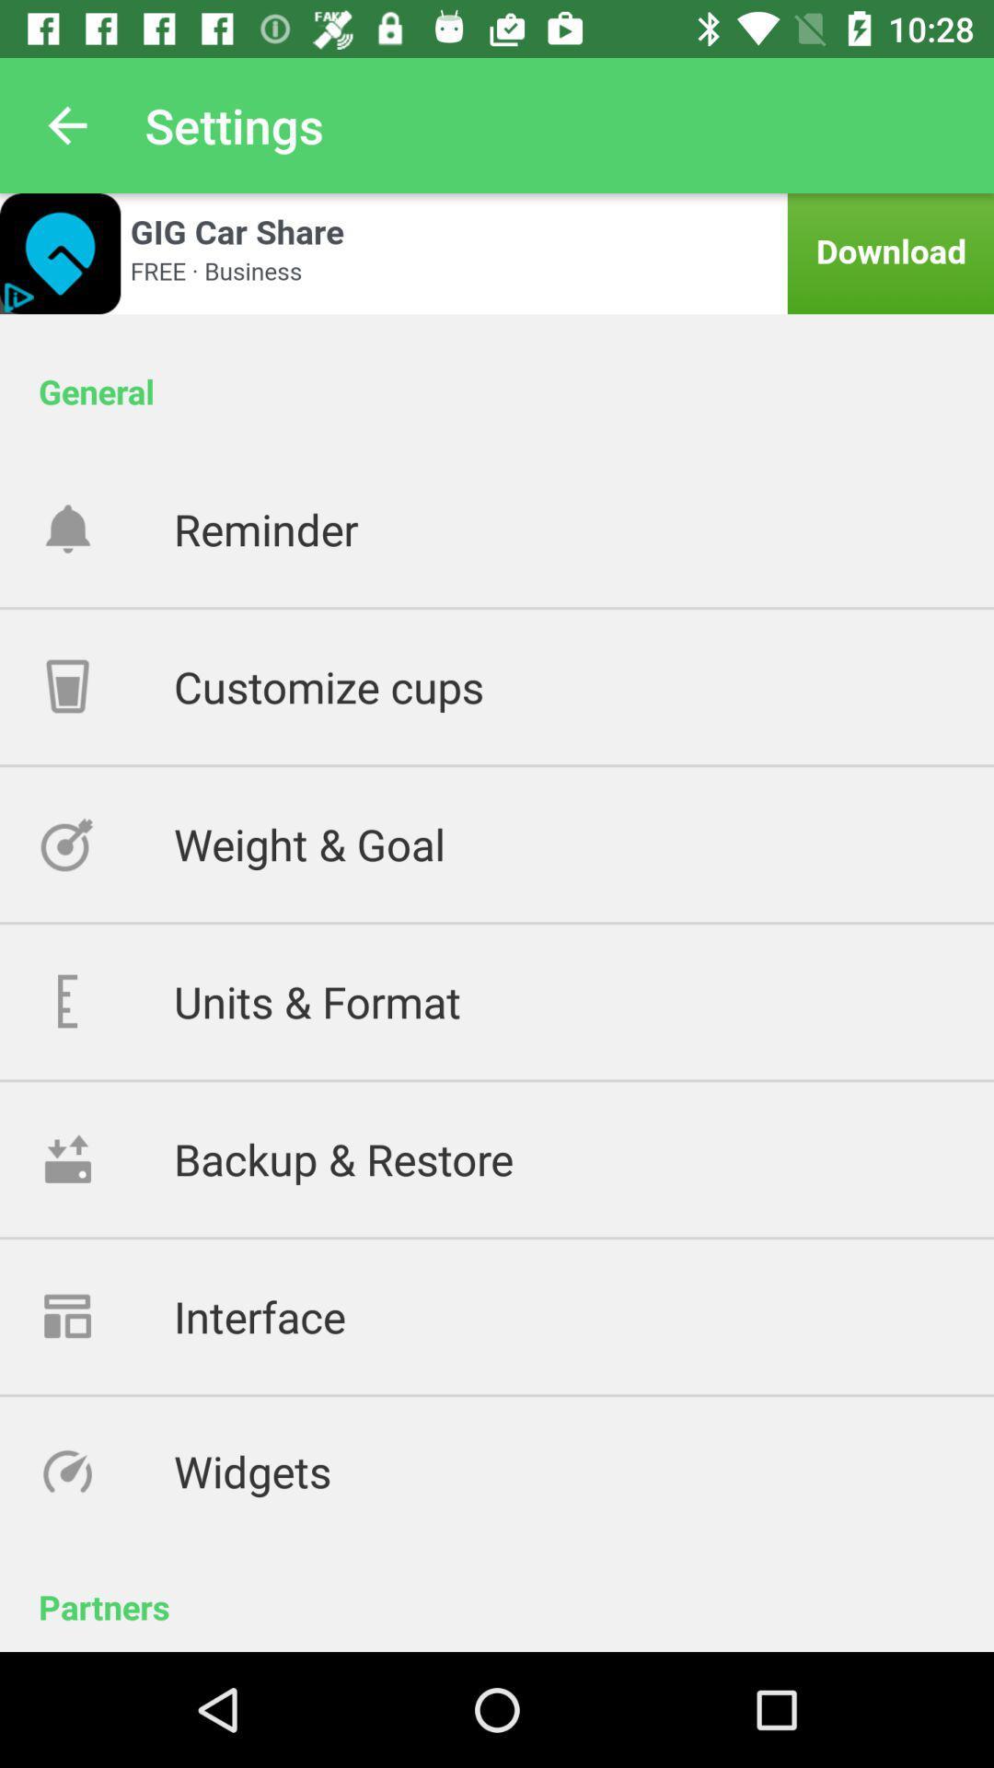 The width and height of the screenshot is (994, 1768). What do you see at coordinates (66, 124) in the screenshot?
I see `the app next to the settings app` at bounding box center [66, 124].